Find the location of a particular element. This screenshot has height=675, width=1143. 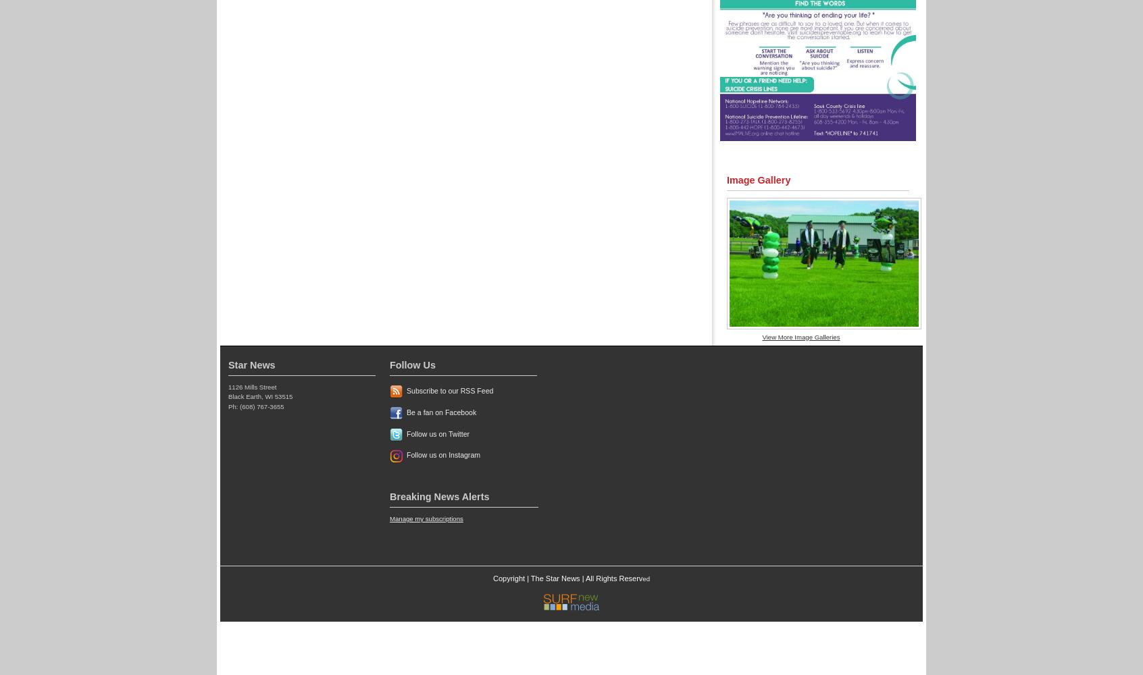

'Be a fan on Facebook' is located at coordinates (441, 411).